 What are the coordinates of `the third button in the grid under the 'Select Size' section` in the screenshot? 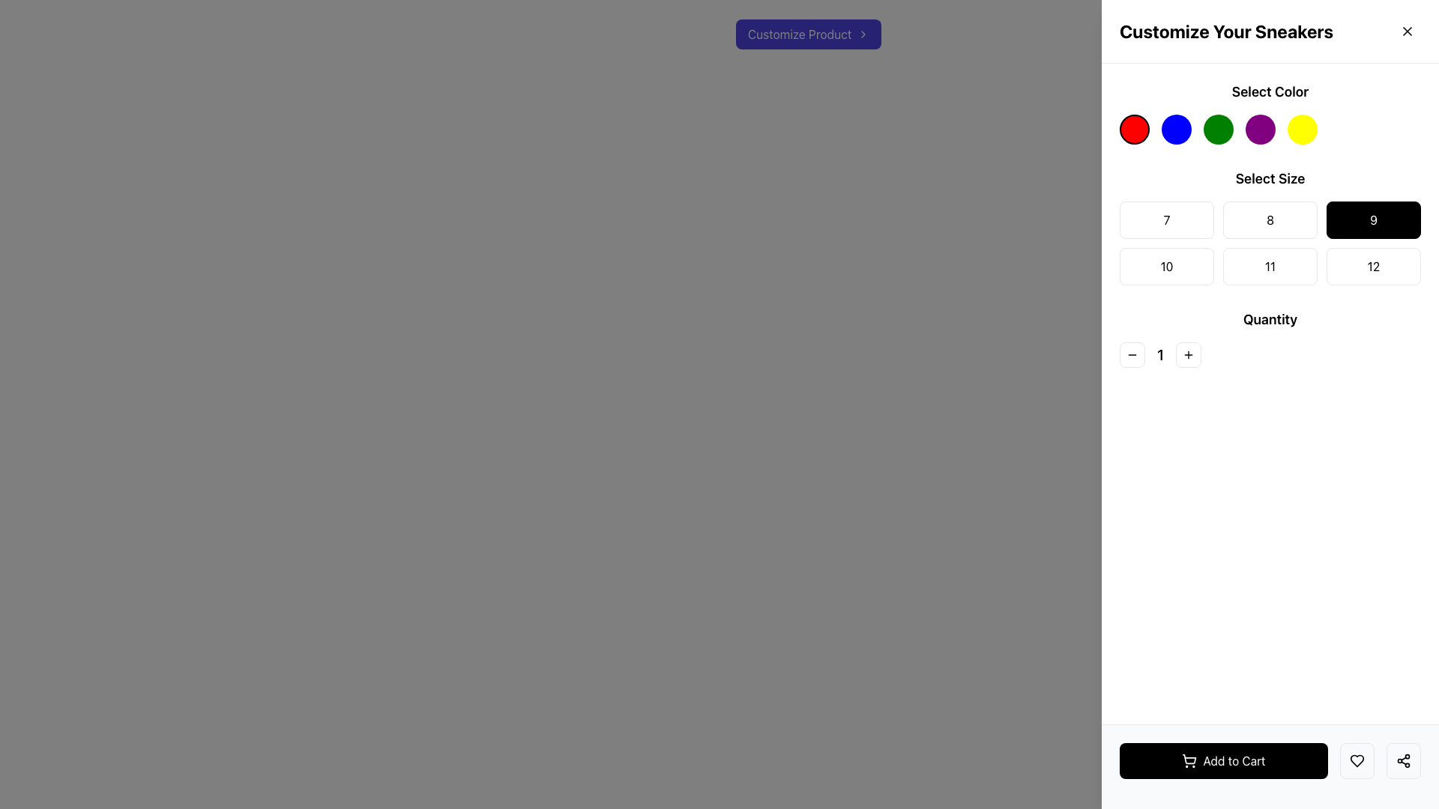 It's located at (1374, 219).